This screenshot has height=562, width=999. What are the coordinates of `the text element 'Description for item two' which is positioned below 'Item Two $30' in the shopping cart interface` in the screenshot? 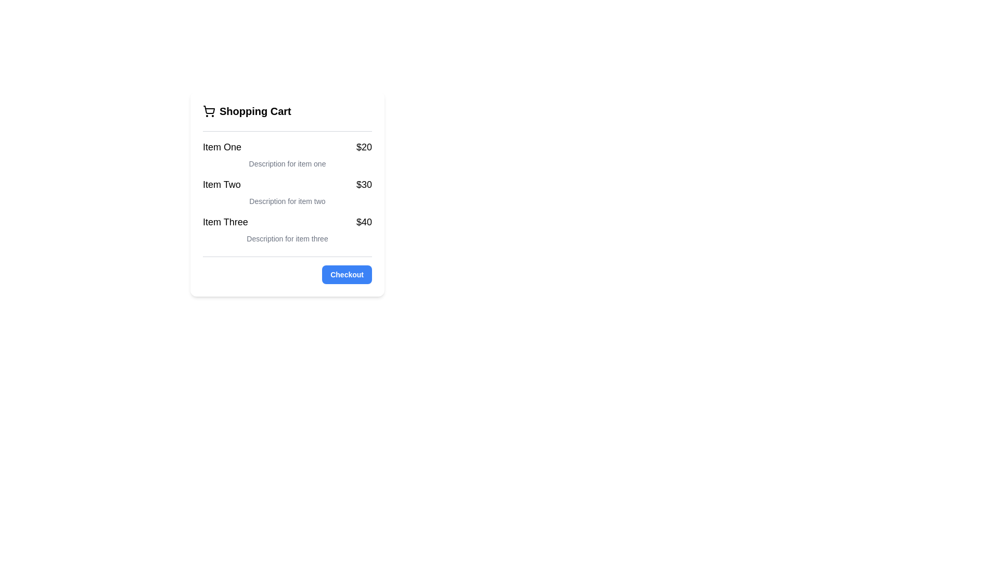 It's located at (287, 201).